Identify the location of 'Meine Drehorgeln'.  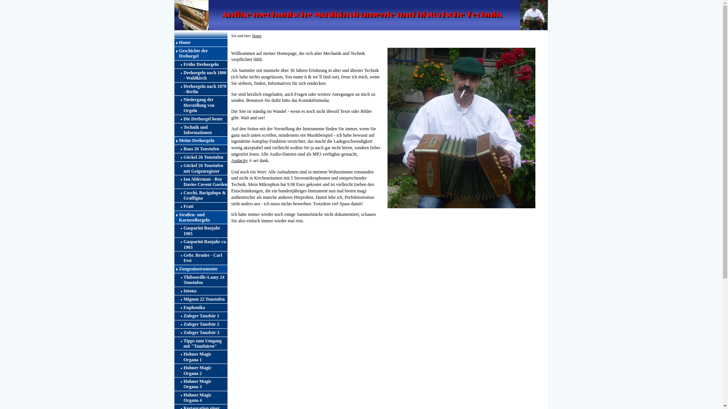
(201, 140).